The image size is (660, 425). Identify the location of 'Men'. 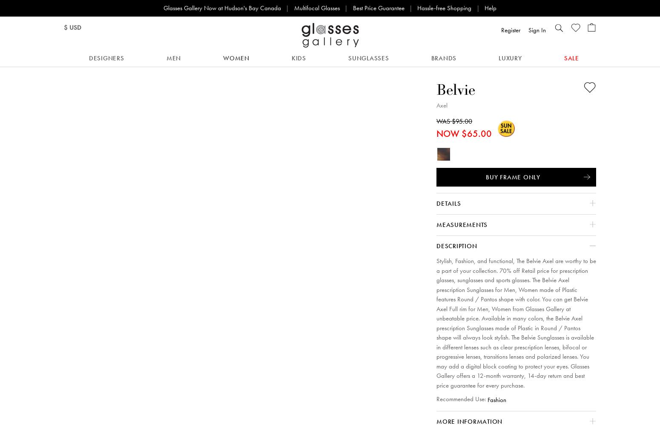
(173, 58).